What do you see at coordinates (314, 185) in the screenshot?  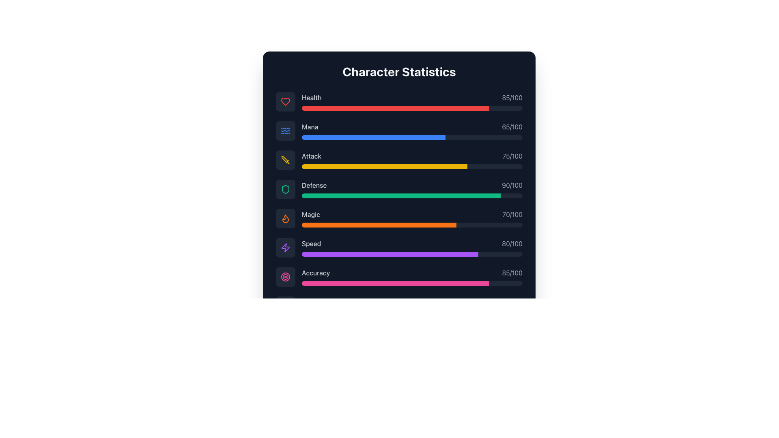 I see `the 'Defense' text label, which is a medium-weight gray font adjacent to a green horizontal bar in the character statistics list` at bounding box center [314, 185].